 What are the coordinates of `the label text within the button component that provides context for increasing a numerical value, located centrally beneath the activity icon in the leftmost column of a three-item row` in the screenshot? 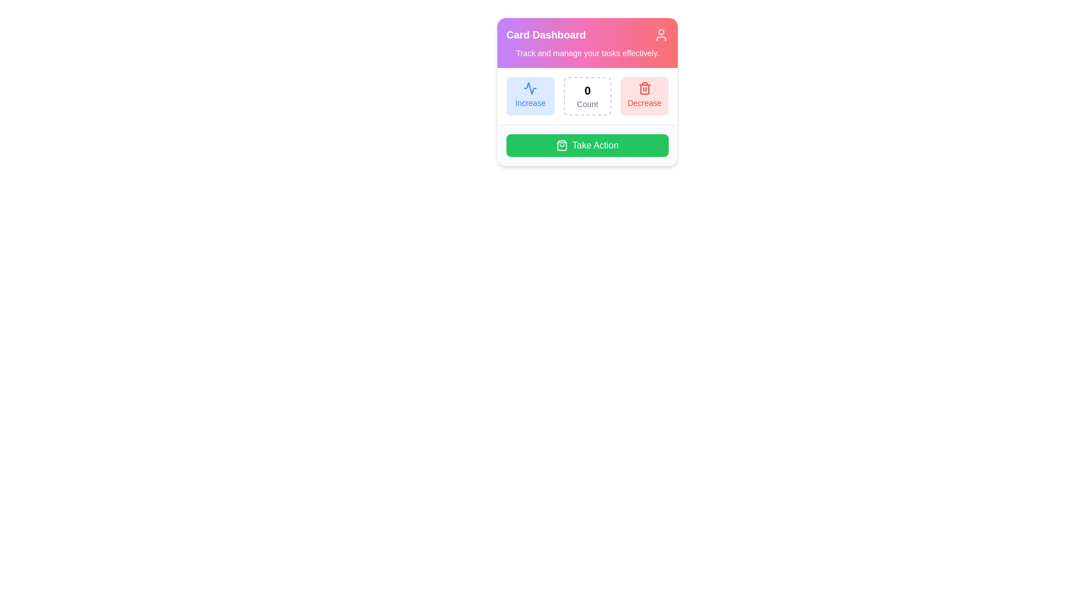 It's located at (530, 103).